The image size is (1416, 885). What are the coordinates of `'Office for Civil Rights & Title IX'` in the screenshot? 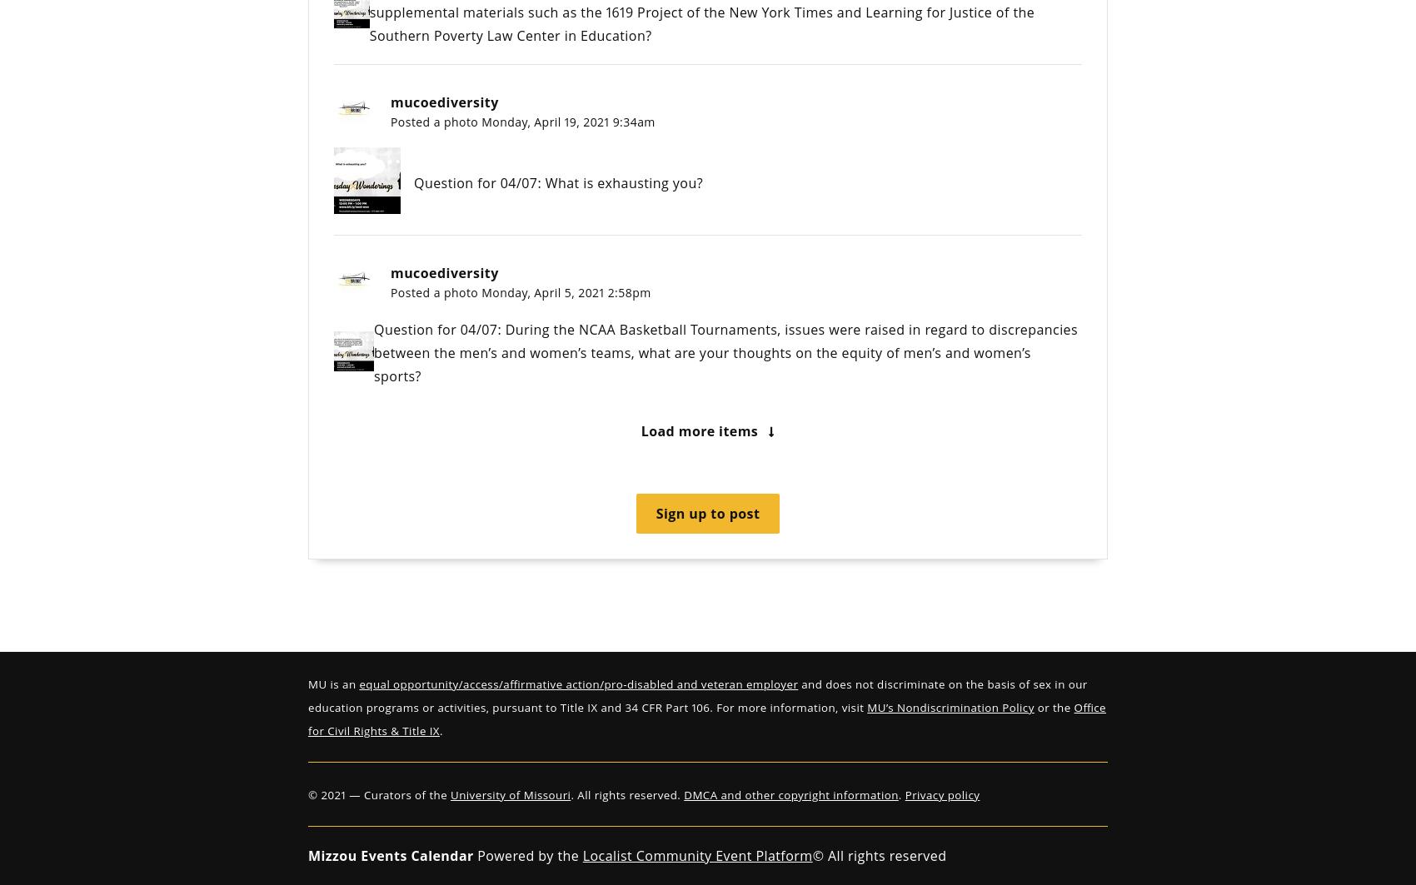 It's located at (706, 718).